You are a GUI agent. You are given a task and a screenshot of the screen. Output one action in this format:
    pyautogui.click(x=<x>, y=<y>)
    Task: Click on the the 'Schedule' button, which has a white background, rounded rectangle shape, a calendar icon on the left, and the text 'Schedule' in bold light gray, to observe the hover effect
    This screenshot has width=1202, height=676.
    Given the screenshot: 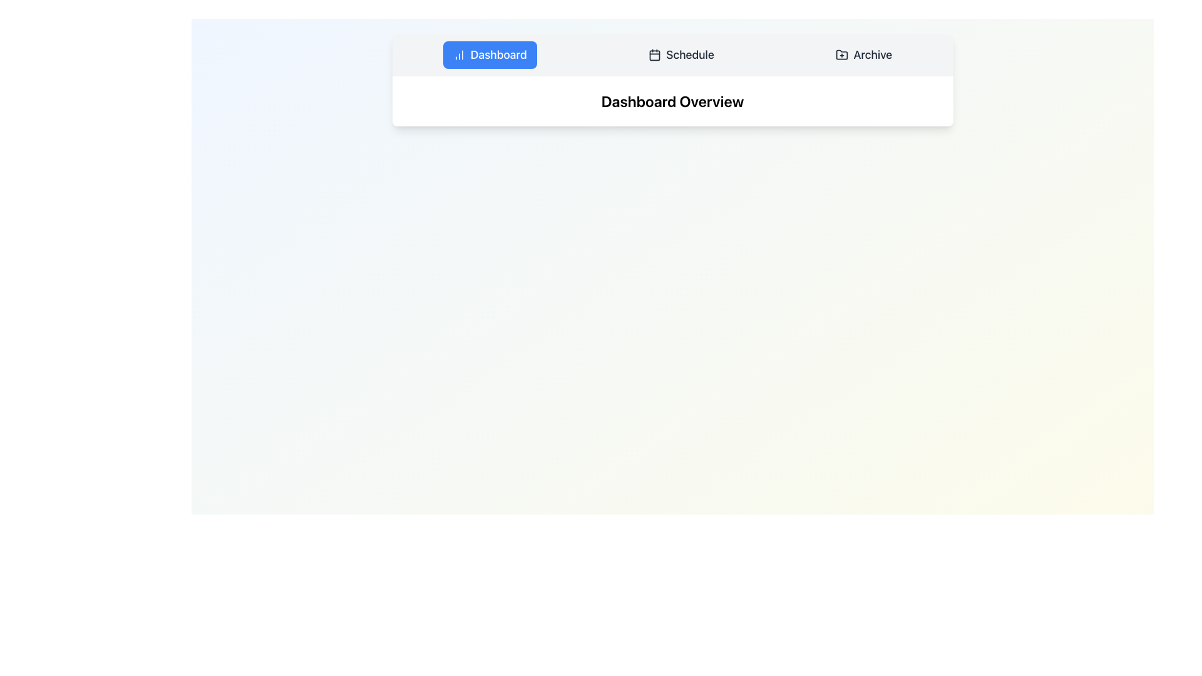 What is the action you would take?
    pyautogui.click(x=681, y=54)
    